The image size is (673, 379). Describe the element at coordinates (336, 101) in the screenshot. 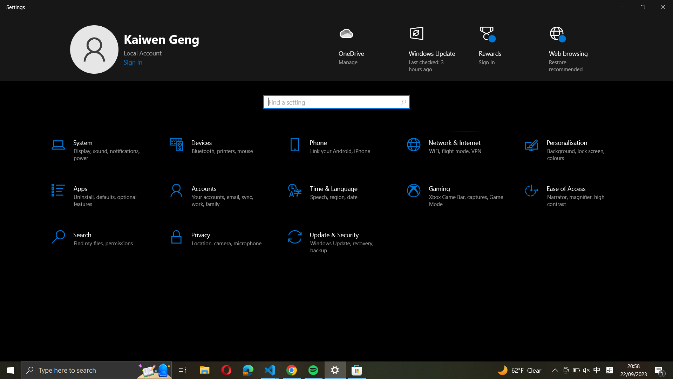

I see `Search for the copied content in the search bar` at that location.